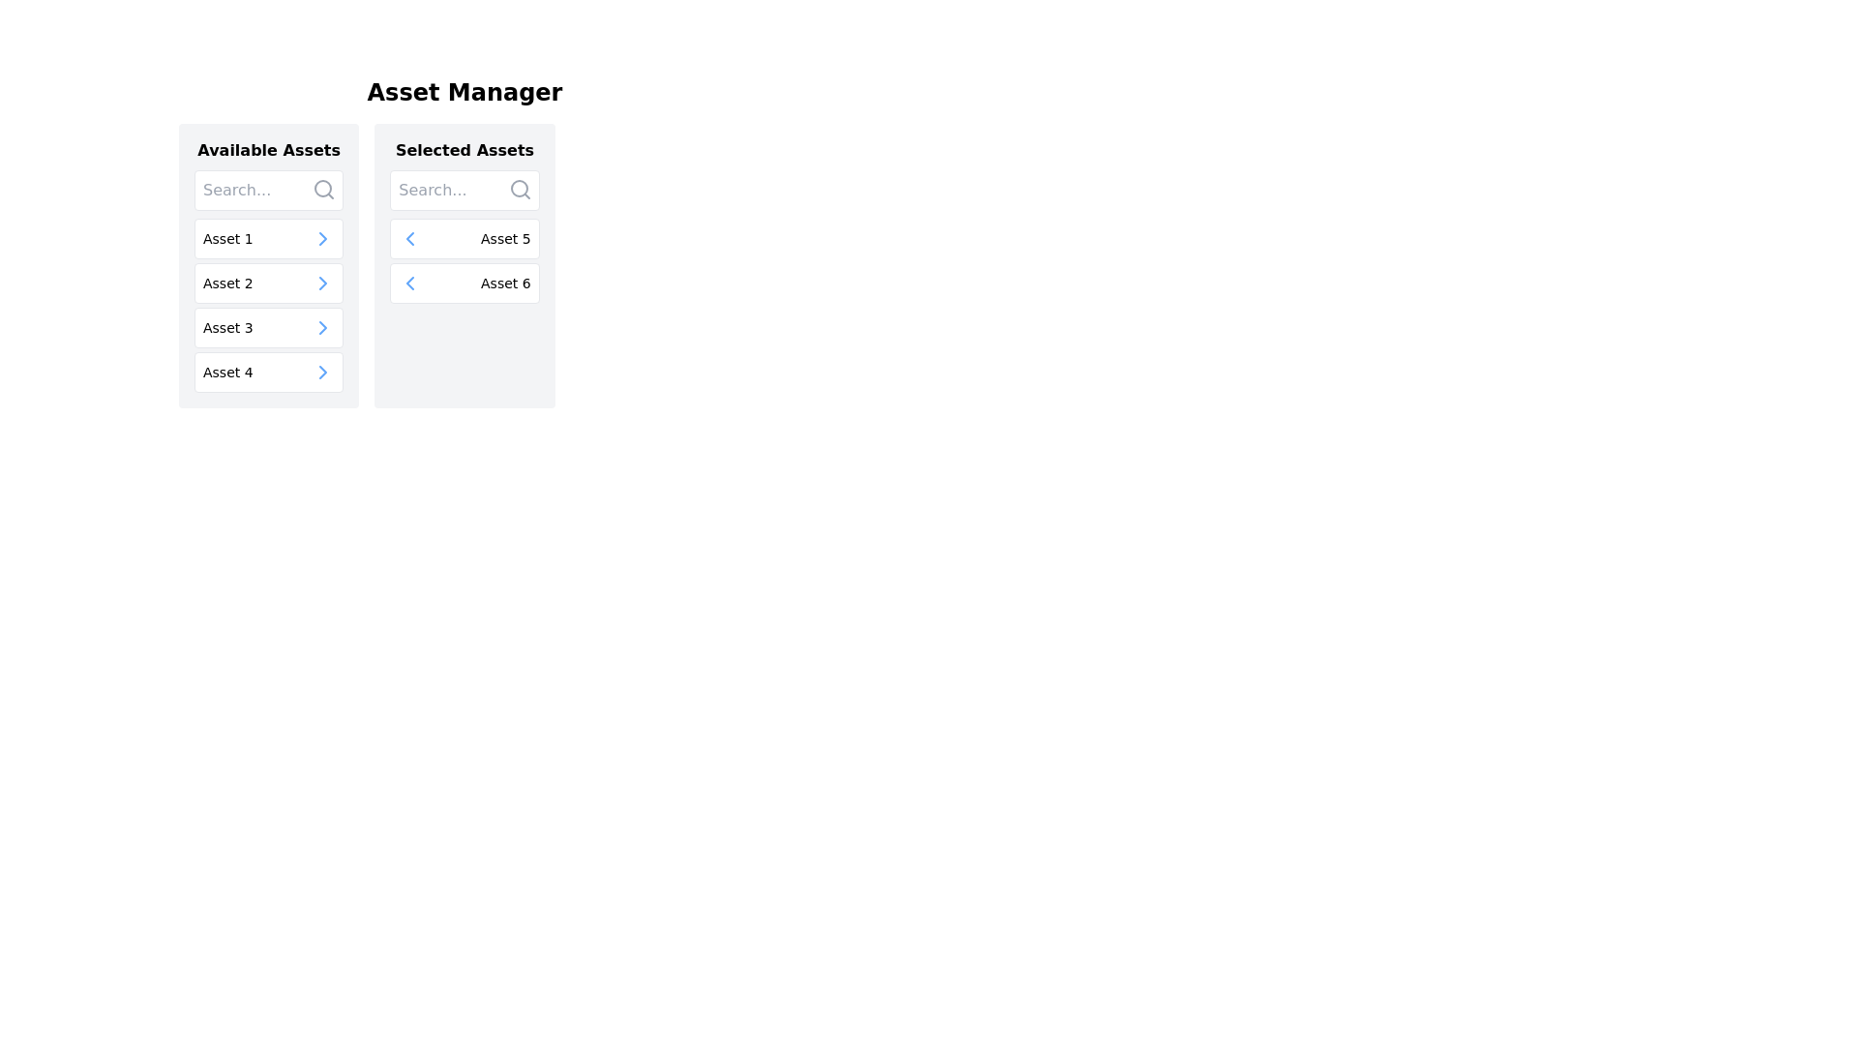  What do you see at coordinates (409, 237) in the screenshot?
I see `the left arrow icon in the 'Selected Assets' panel next to the label 'Asset 6'` at bounding box center [409, 237].